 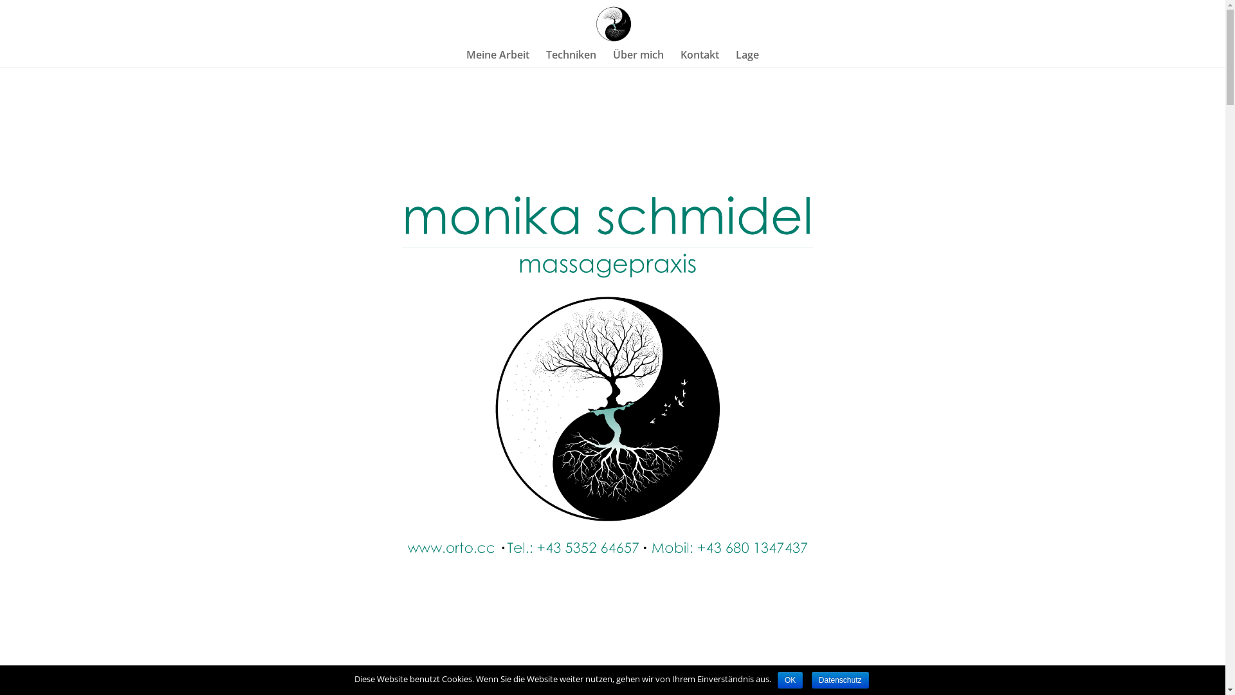 What do you see at coordinates (777, 679) in the screenshot?
I see `'OK'` at bounding box center [777, 679].